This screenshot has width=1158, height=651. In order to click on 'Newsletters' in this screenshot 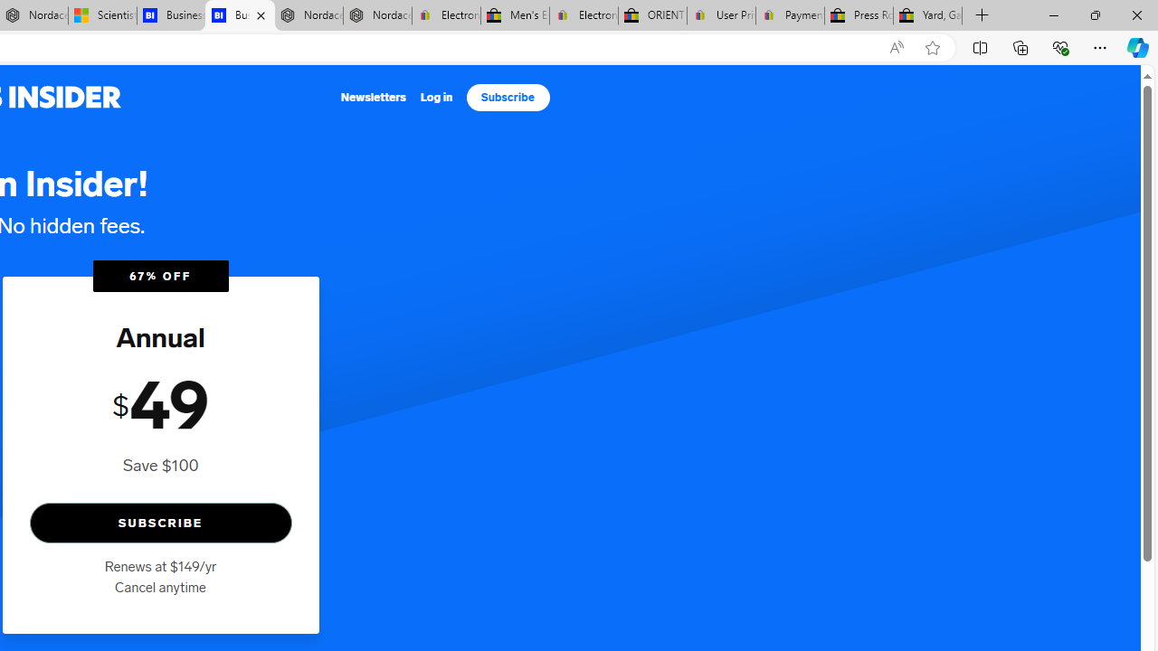, I will do `click(374, 98)`.